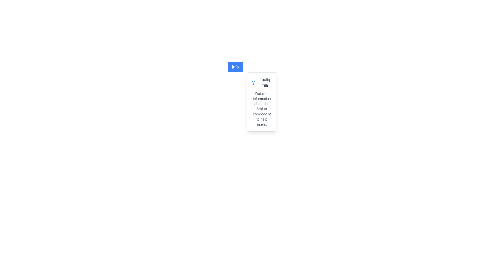  Describe the element at coordinates (235, 67) in the screenshot. I see `the blue button labeled 'Info'` at that location.